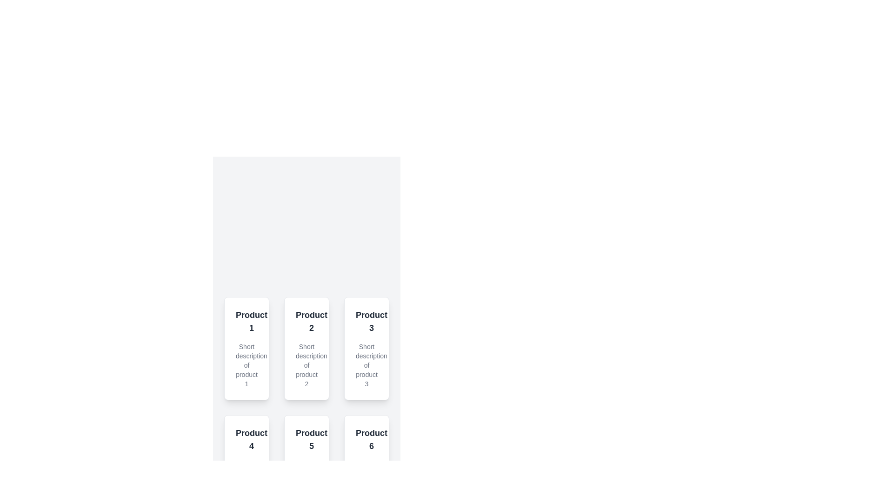 The image size is (893, 502). I want to click on the styling of the Text label displaying 'Product 5', which is positioned at the top of the second product card in the grid layout, so click(307, 439).